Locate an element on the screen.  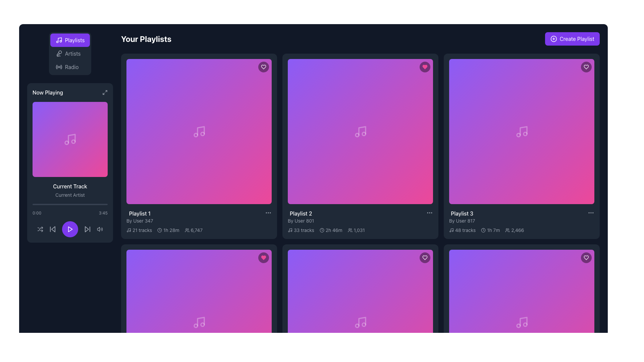
the small circle located within the musical note icon, which is part of the bottom-right playlist box in the grid layout is located at coordinates (363, 324).